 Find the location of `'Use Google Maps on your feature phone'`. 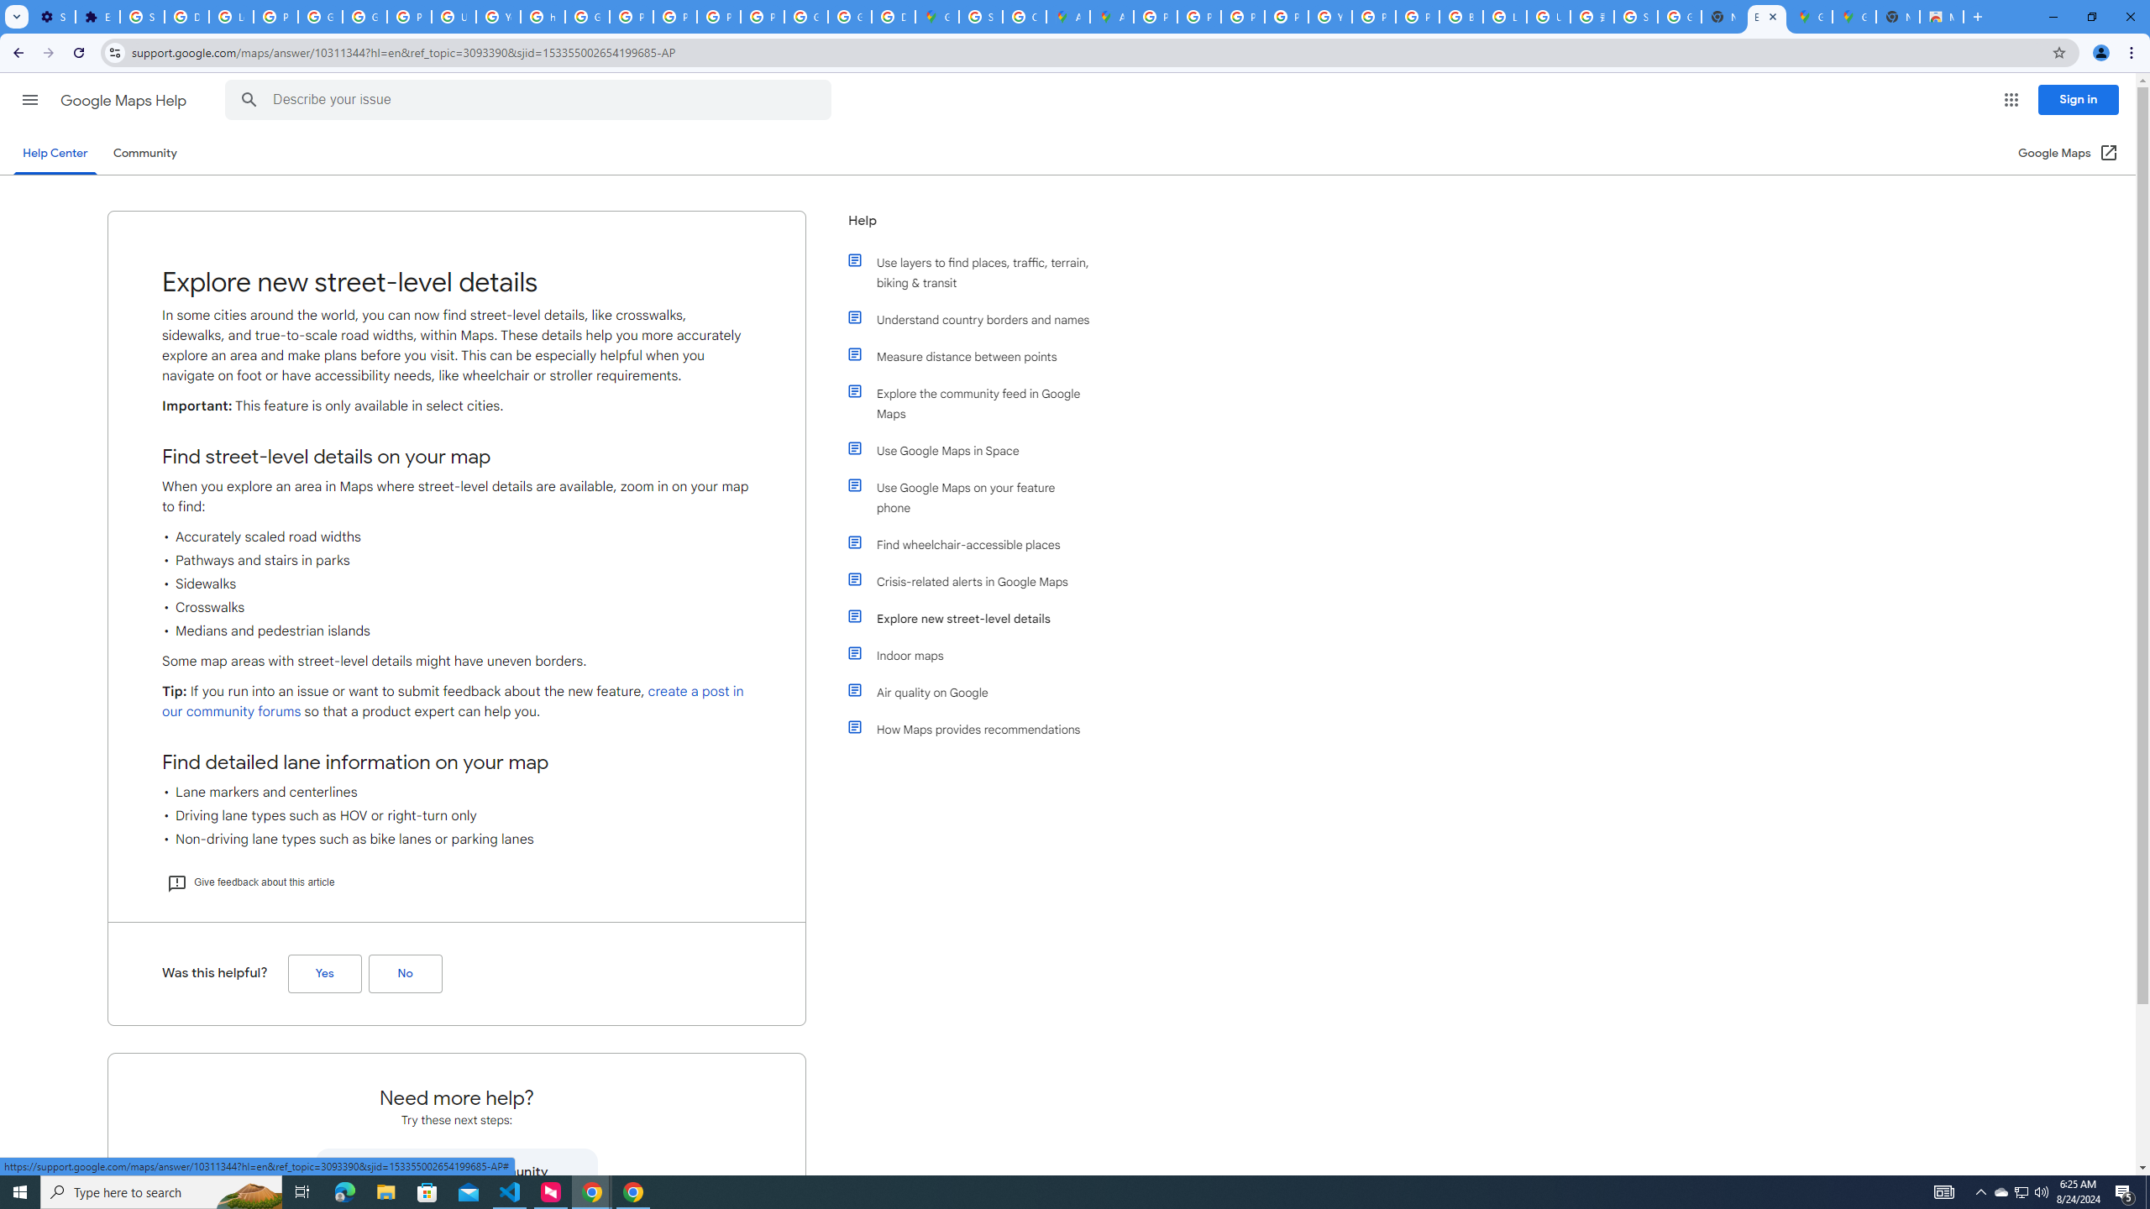

'Use Google Maps on your feature phone' is located at coordinates (976, 496).